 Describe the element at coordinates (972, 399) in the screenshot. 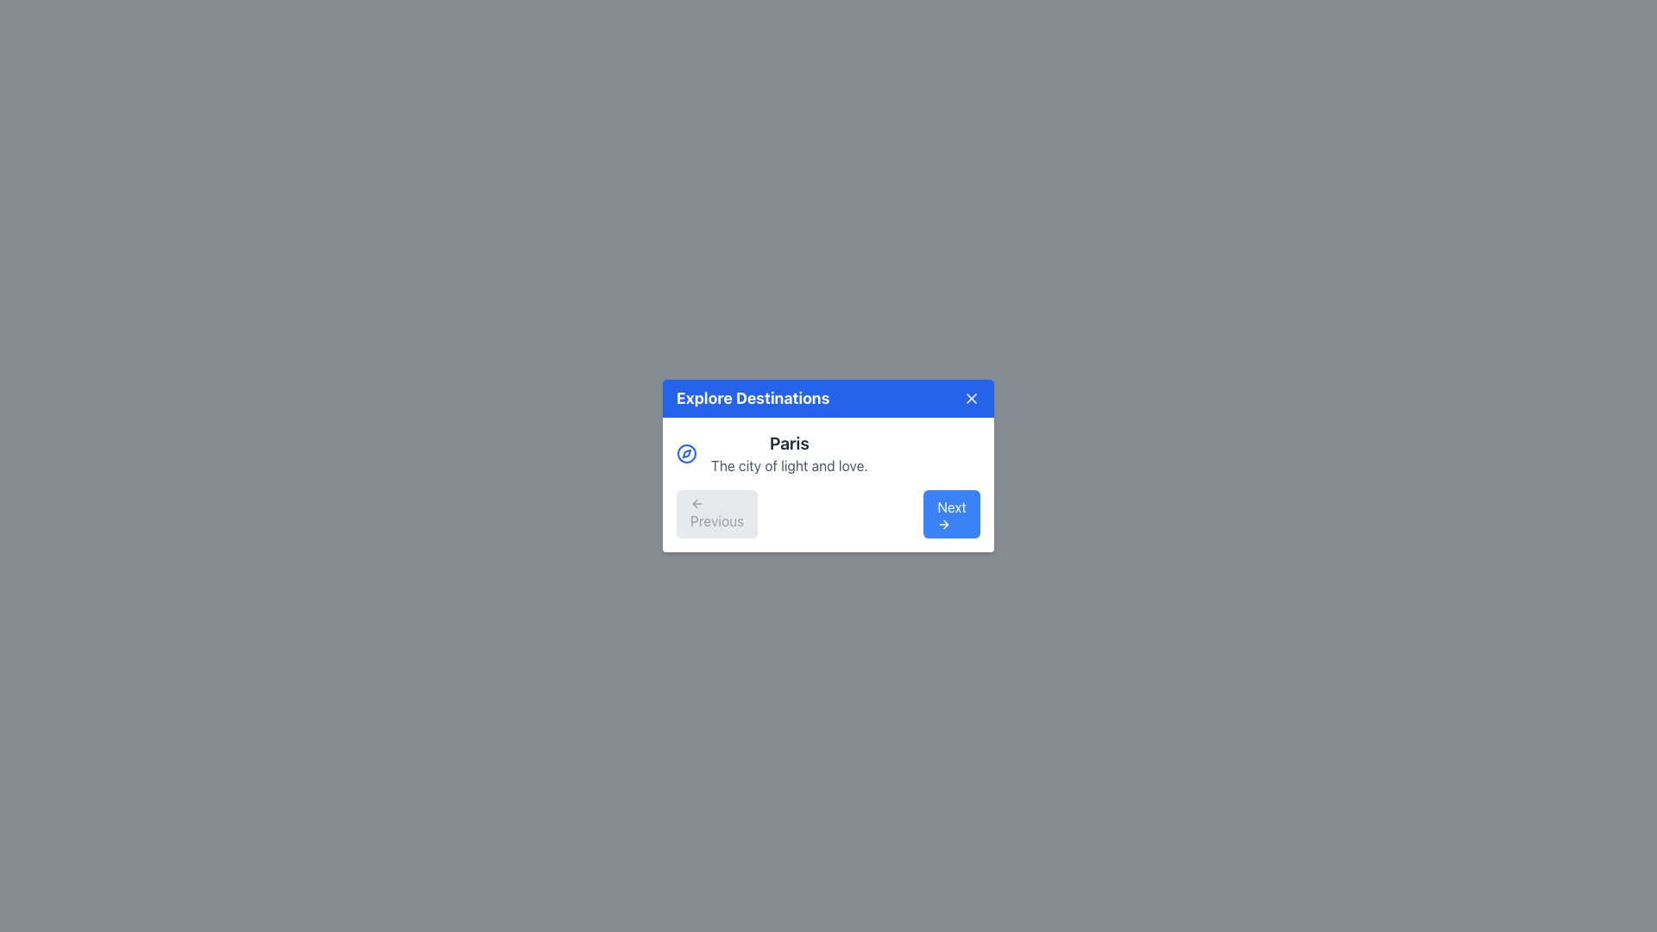

I see `the small 'X' shaped button with a white icon on a blue background, located at the top-right corner of the 'Explore Destinations' header bar` at that location.